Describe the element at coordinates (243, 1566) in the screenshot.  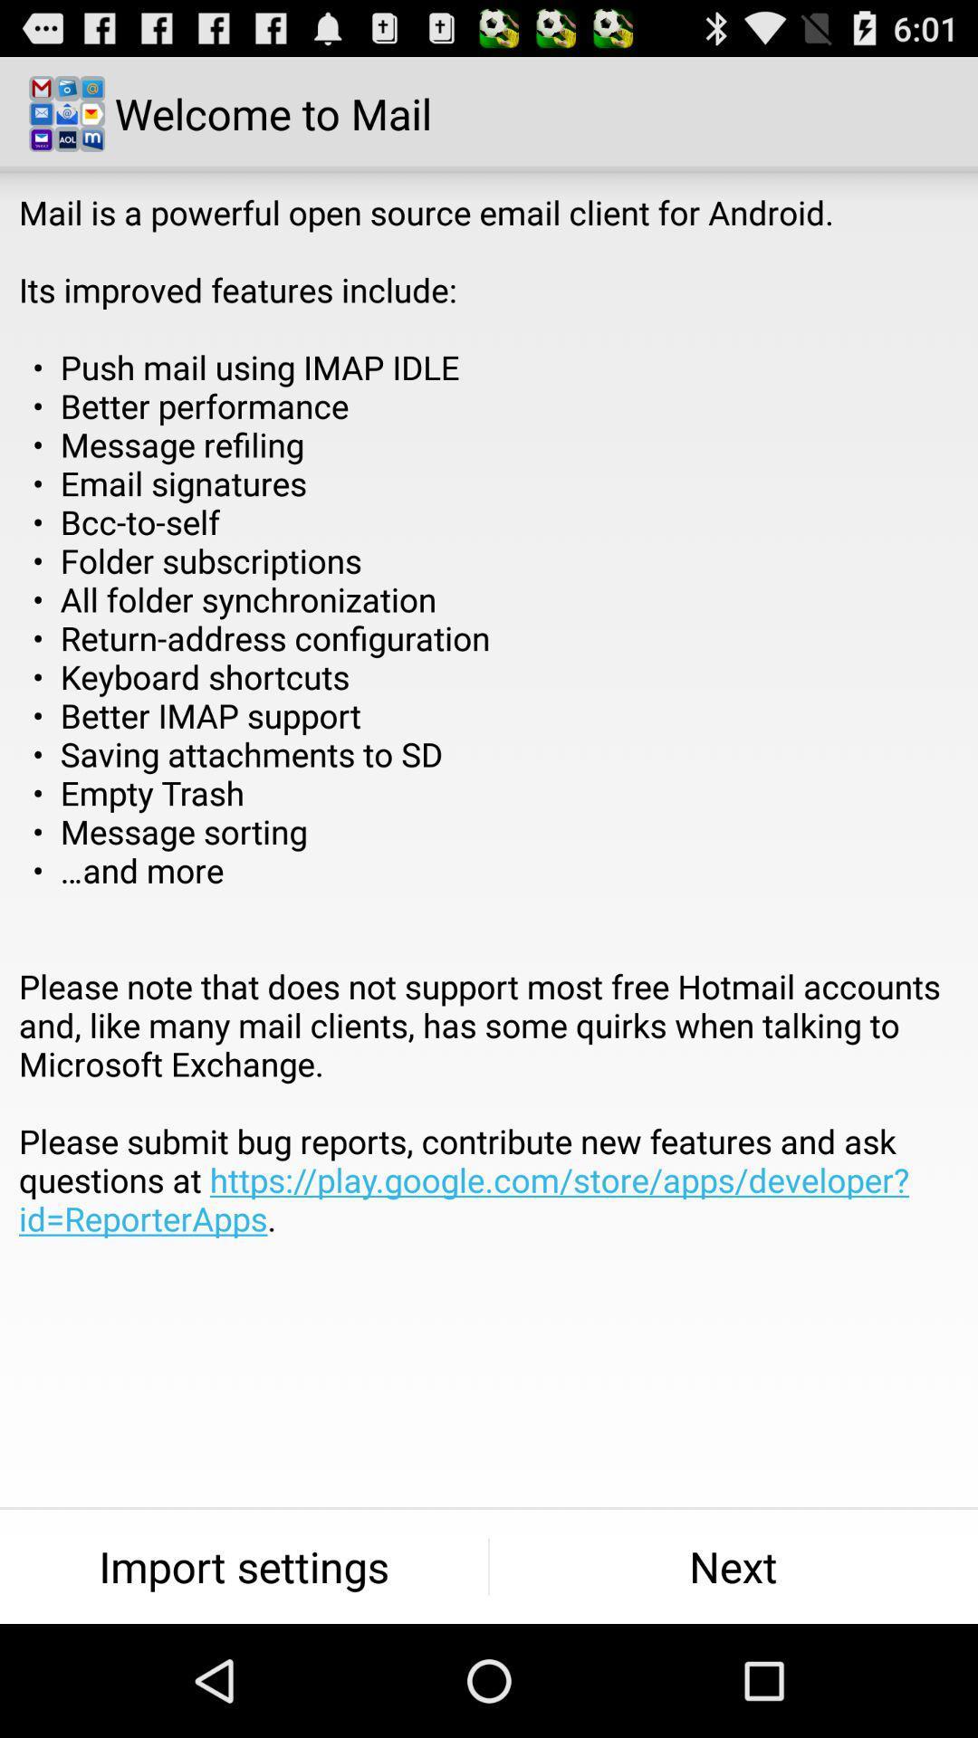
I see `import settings` at that location.